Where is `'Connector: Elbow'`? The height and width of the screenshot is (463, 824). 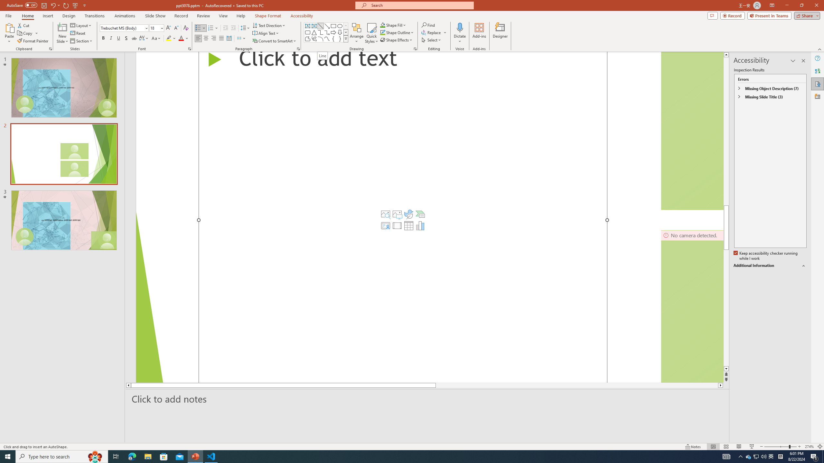 'Connector: Elbow' is located at coordinates (320, 32).